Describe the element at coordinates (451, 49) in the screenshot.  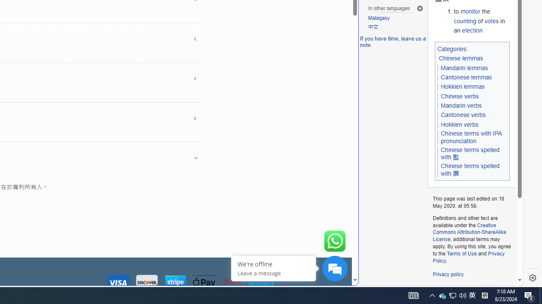
I see `'Categories'` at that location.